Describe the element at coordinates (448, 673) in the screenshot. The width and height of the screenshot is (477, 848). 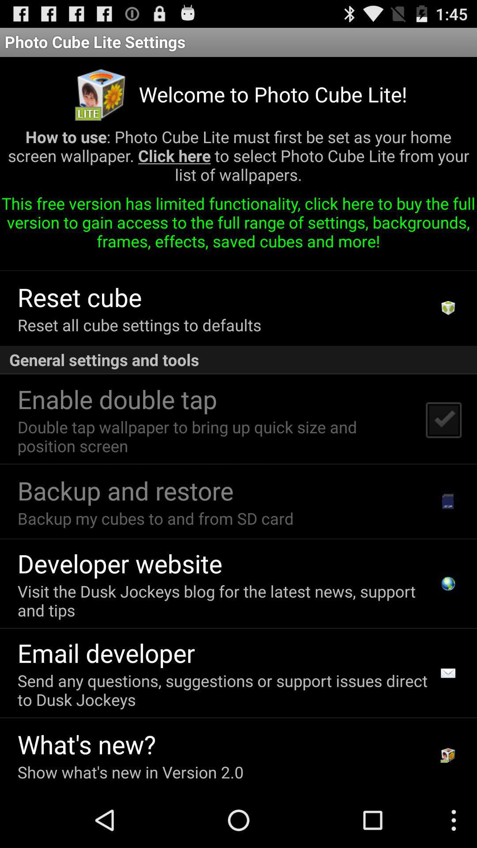
I see `item to the right of the send any questions item` at that location.